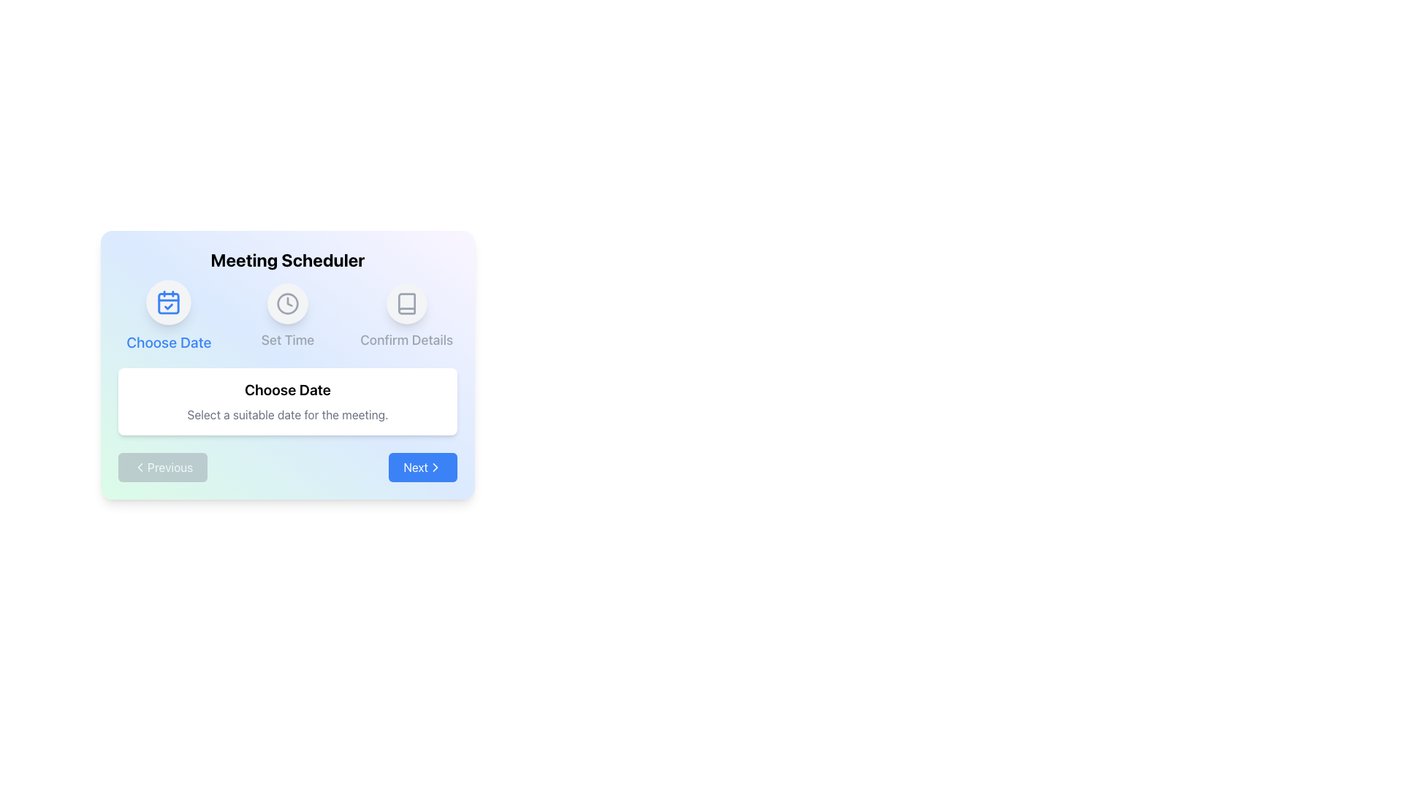  What do you see at coordinates (406, 316) in the screenshot?
I see `the confirmation icon with text label in the Meeting Scheduler section, which is the last item in the three-item grid` at bounding box center [406, 316].